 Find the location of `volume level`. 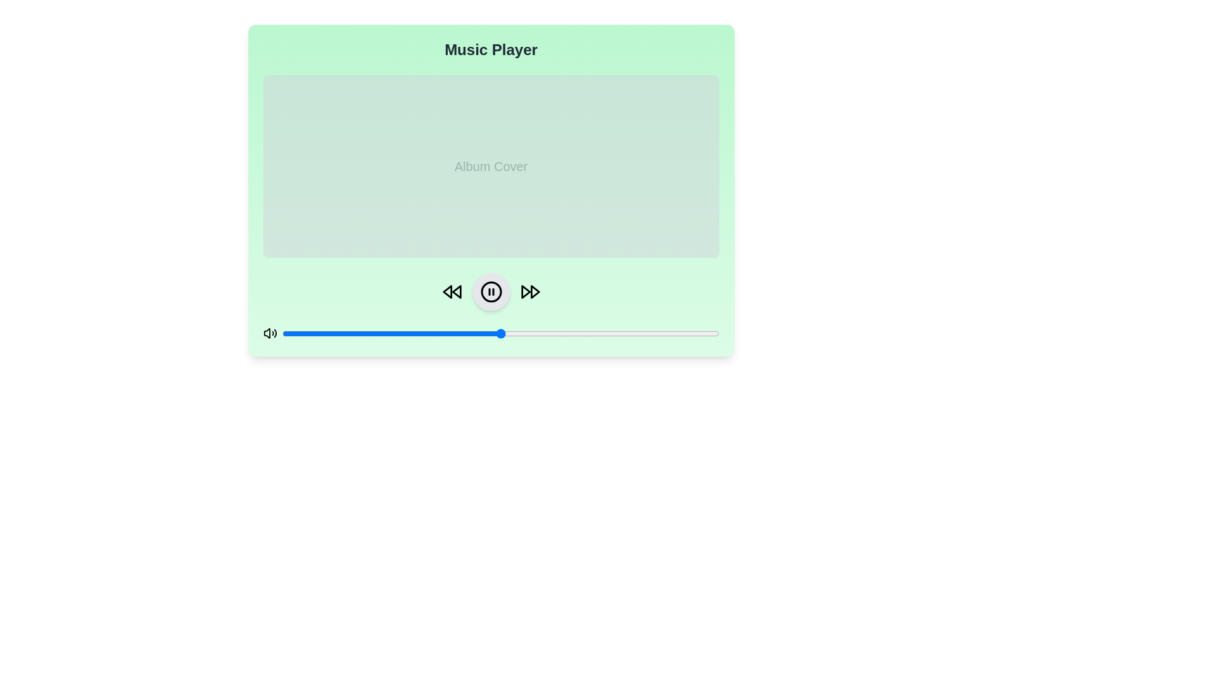

volume level is located at coordinates (330, 333).